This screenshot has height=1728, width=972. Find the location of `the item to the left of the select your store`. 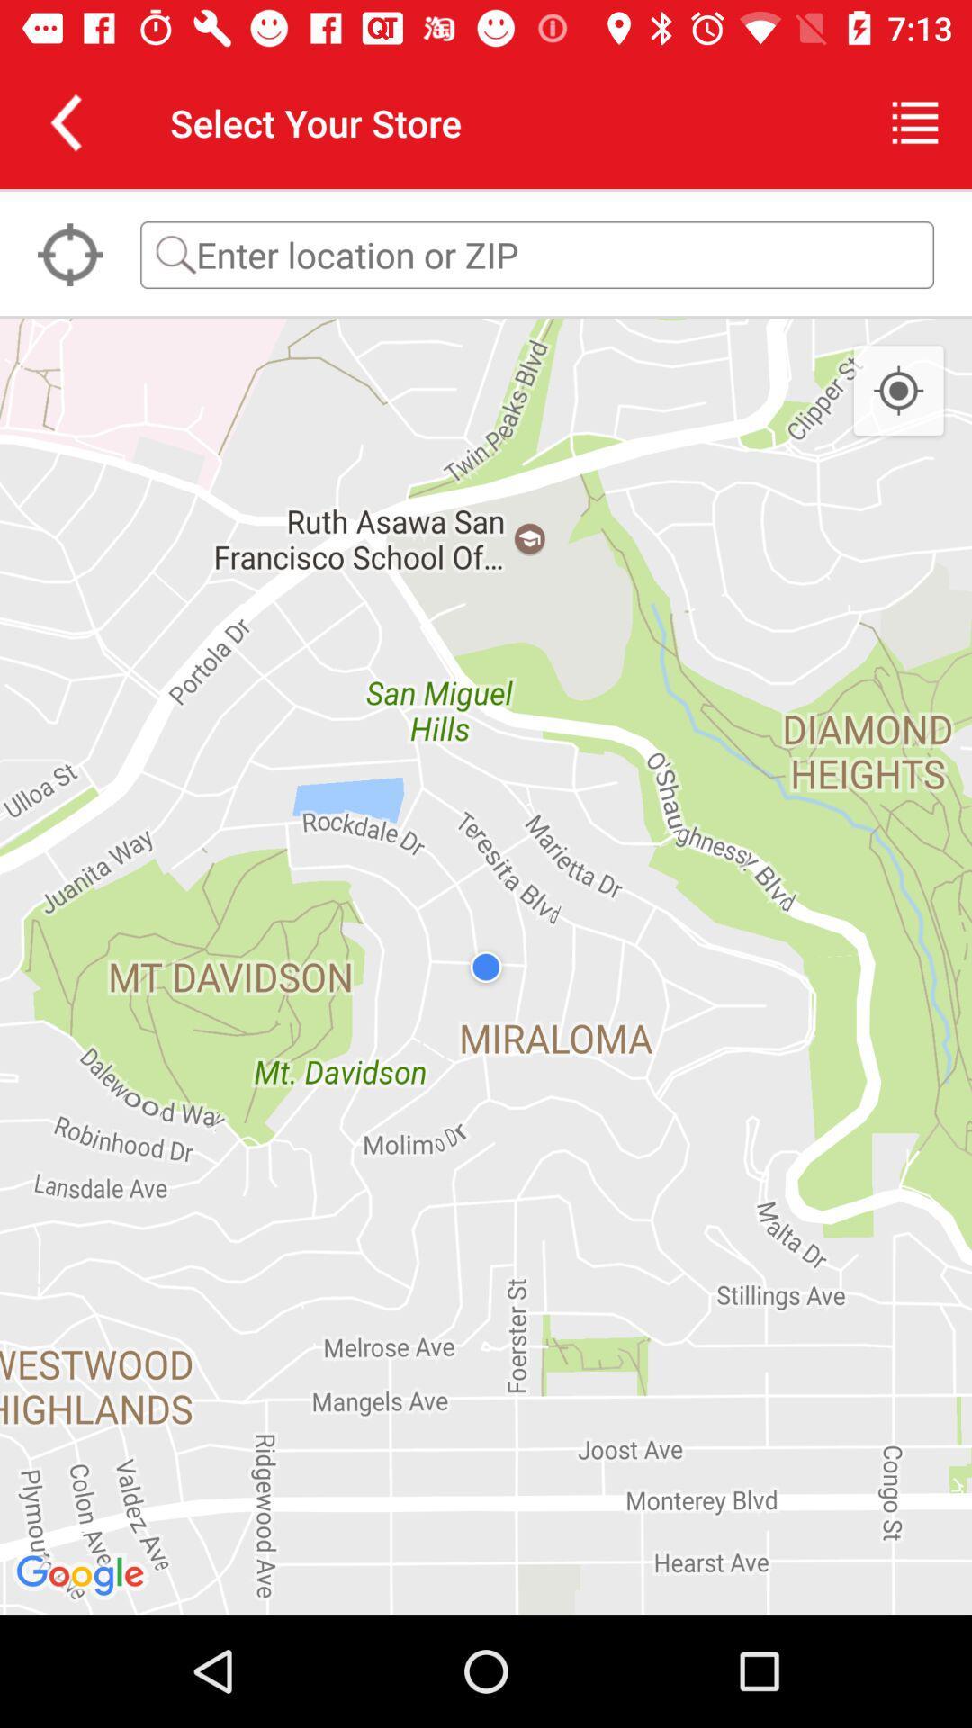

the item to the left of the select your store is located at coordinates (65, 121).